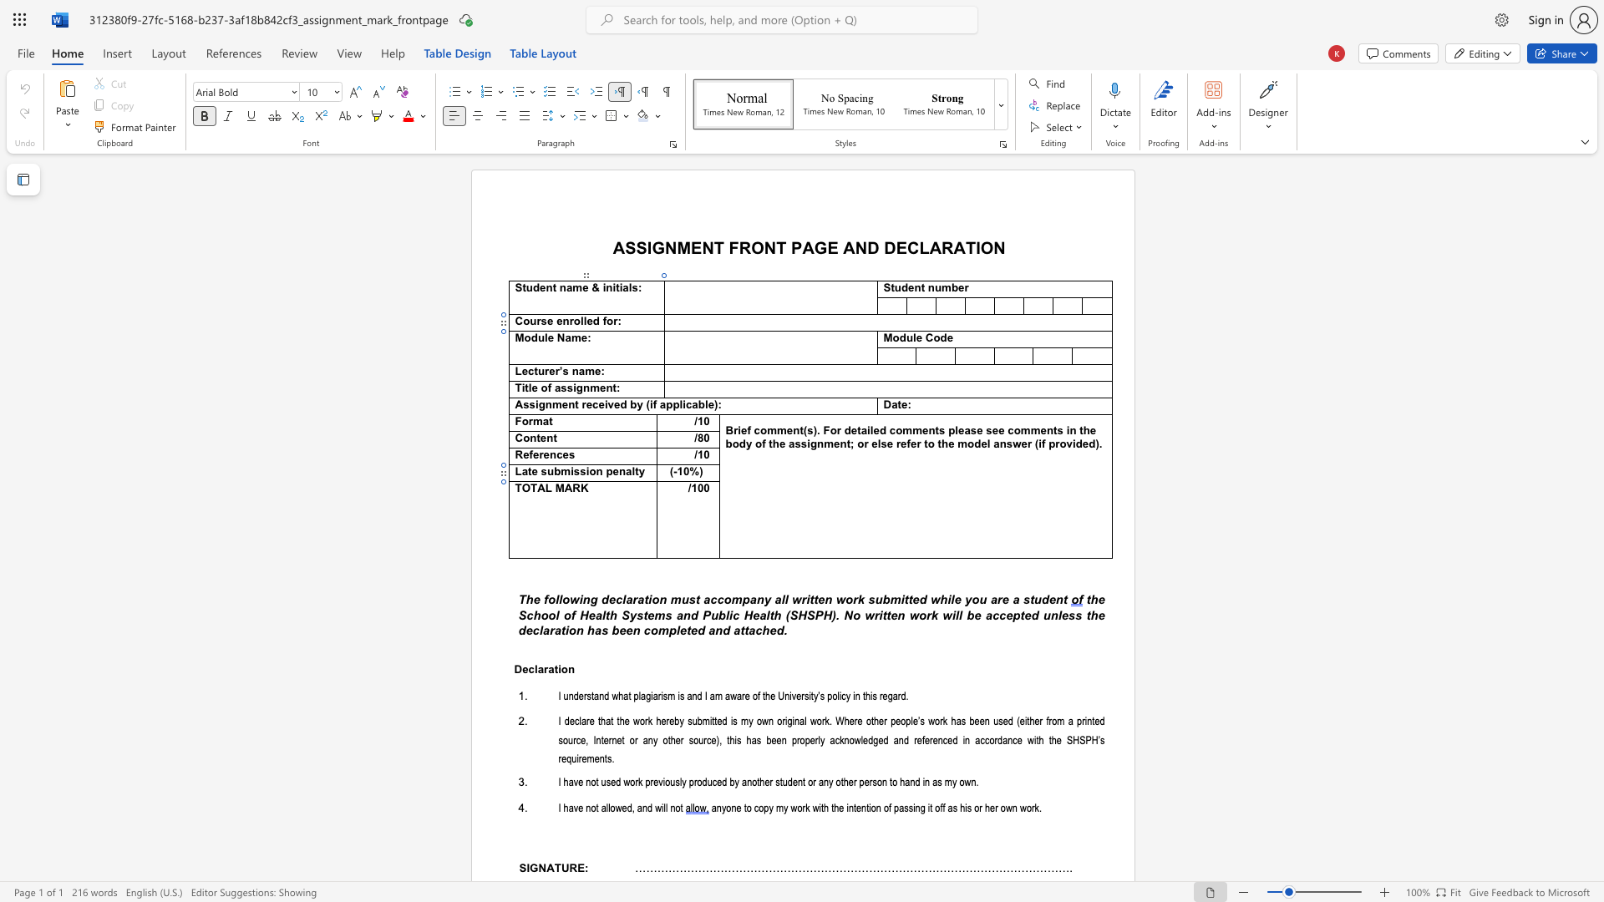 This screenshot has height=902, width=1604. Describe the element at coordinates (537, 489) in the screenshot. I see `the space between the continuous character "T" and "A" in the text` at that location.